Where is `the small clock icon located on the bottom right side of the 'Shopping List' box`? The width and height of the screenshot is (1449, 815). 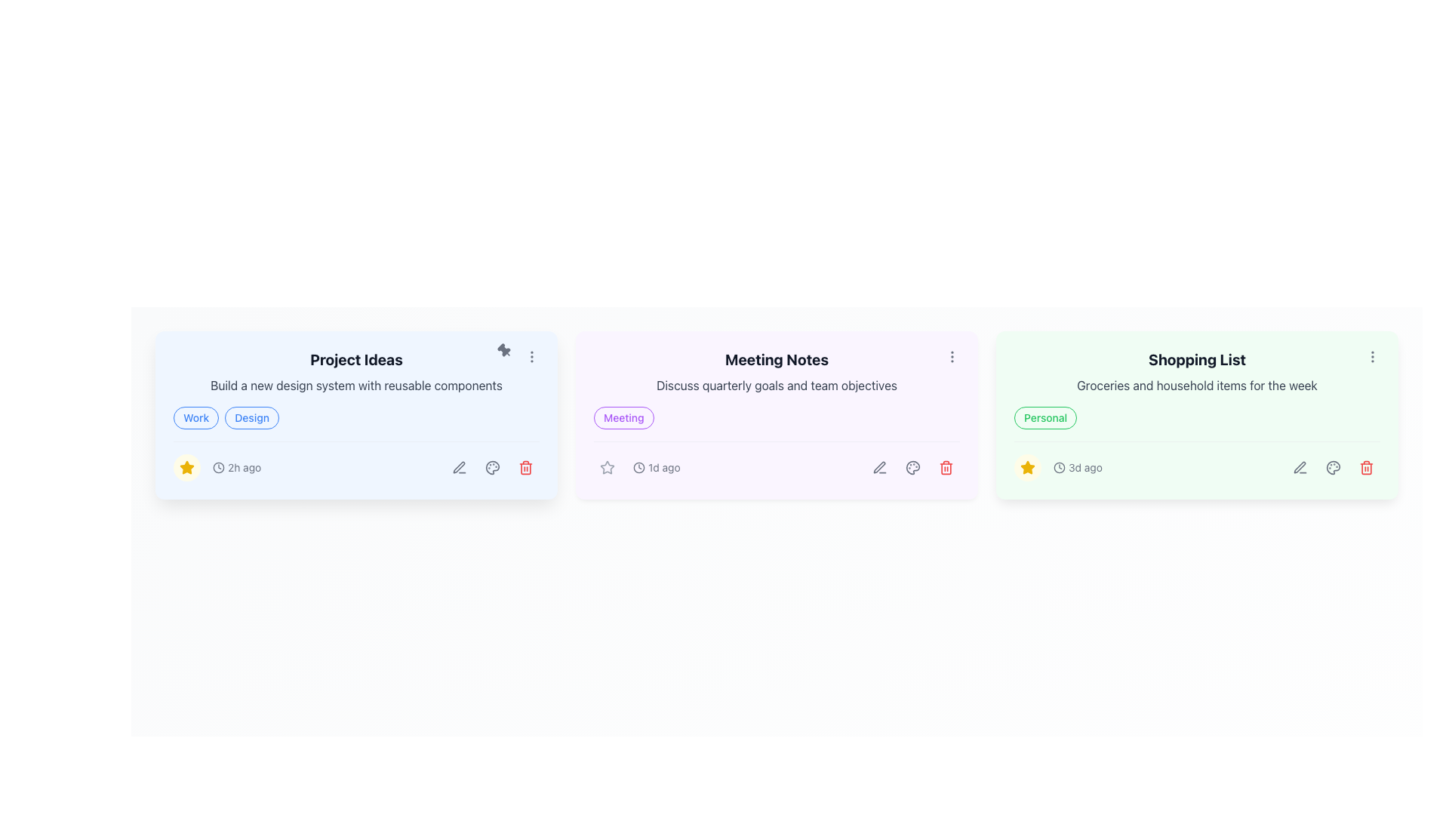 the small clock icon located on the bottom right side of the 'Shopping List' box is located at coordinates (1058, 467).